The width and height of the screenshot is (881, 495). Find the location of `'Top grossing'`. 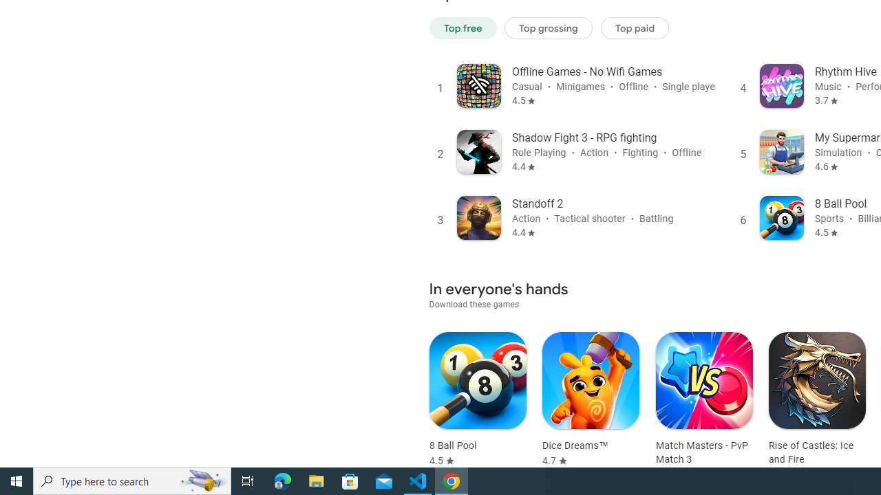

'Top grossing' is located at coordinates (548, 27).